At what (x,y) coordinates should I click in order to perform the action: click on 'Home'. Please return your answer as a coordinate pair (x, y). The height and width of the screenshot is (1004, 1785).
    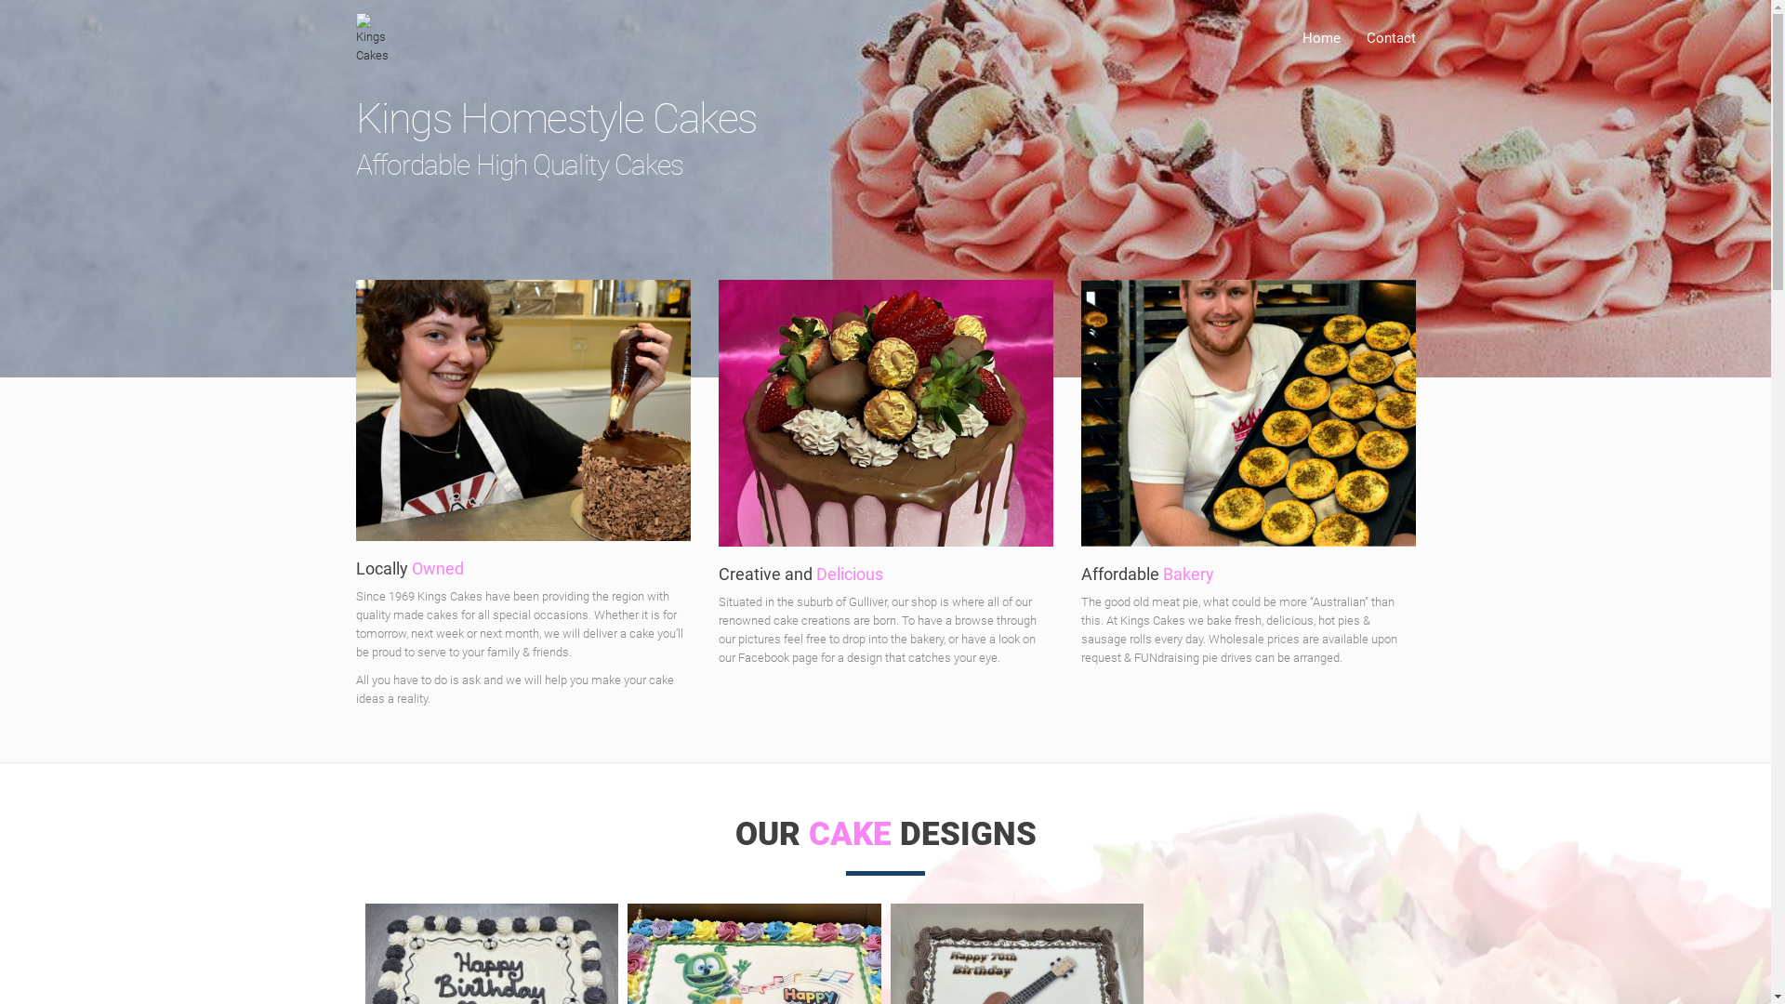
    Looking at the image, I should click on (1319, 38).